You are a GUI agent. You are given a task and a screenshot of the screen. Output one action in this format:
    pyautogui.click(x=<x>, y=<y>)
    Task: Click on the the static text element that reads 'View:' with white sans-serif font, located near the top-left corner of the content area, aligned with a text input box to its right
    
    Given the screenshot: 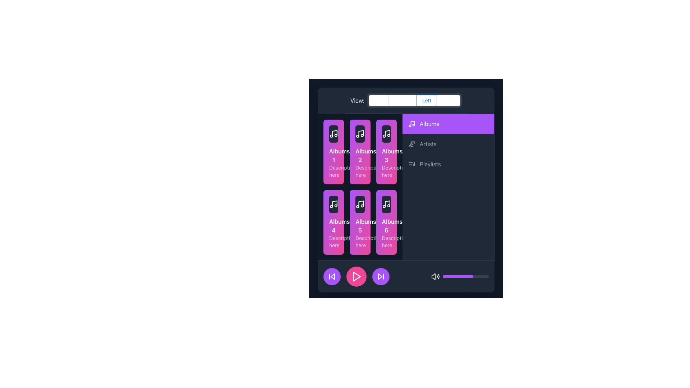 What is the action you would take?
    pyautogui.click(x=357, y=101)
    